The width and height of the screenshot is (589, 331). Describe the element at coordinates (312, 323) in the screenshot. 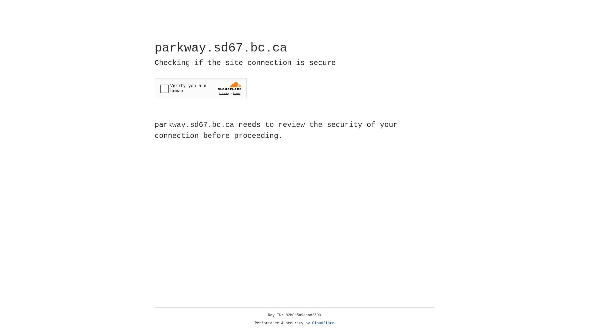

I see `'Cloudflare'` at that location.